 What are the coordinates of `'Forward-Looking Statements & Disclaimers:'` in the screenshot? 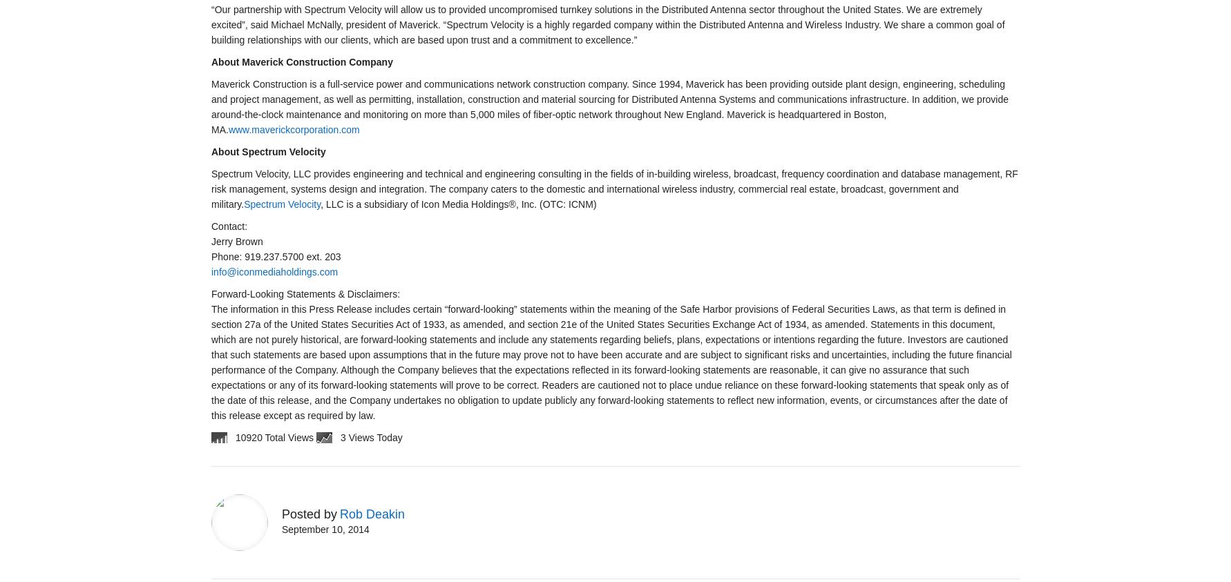 It's located at (305, 293).